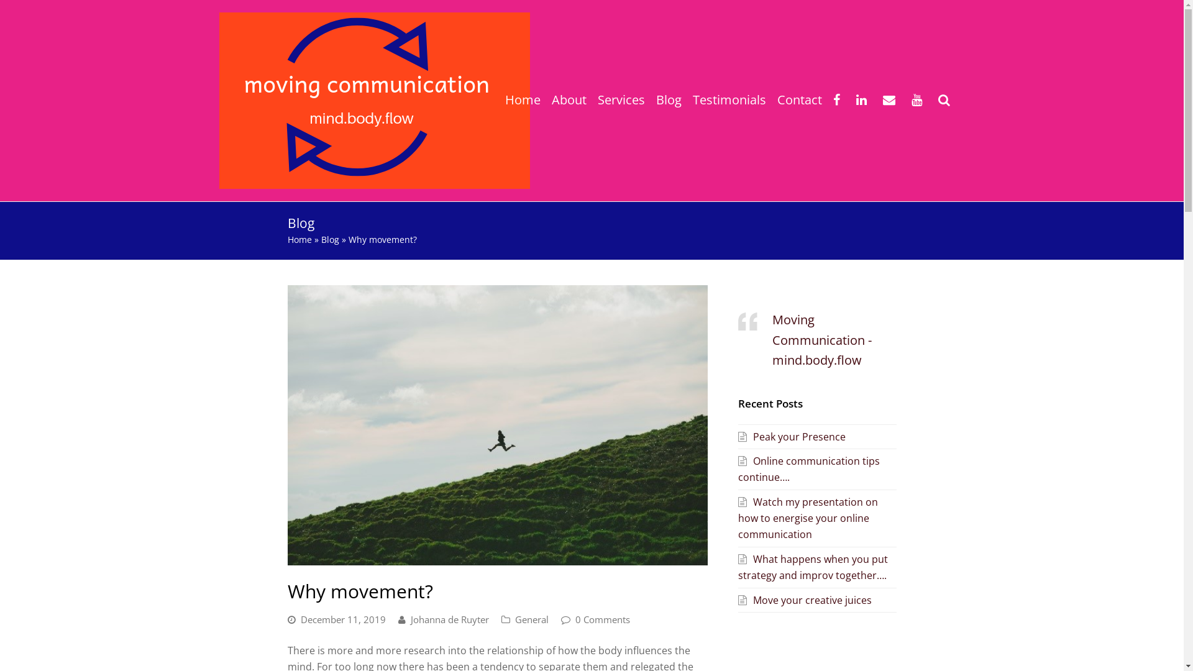  I want to click on 'Home', so click(299, 239).